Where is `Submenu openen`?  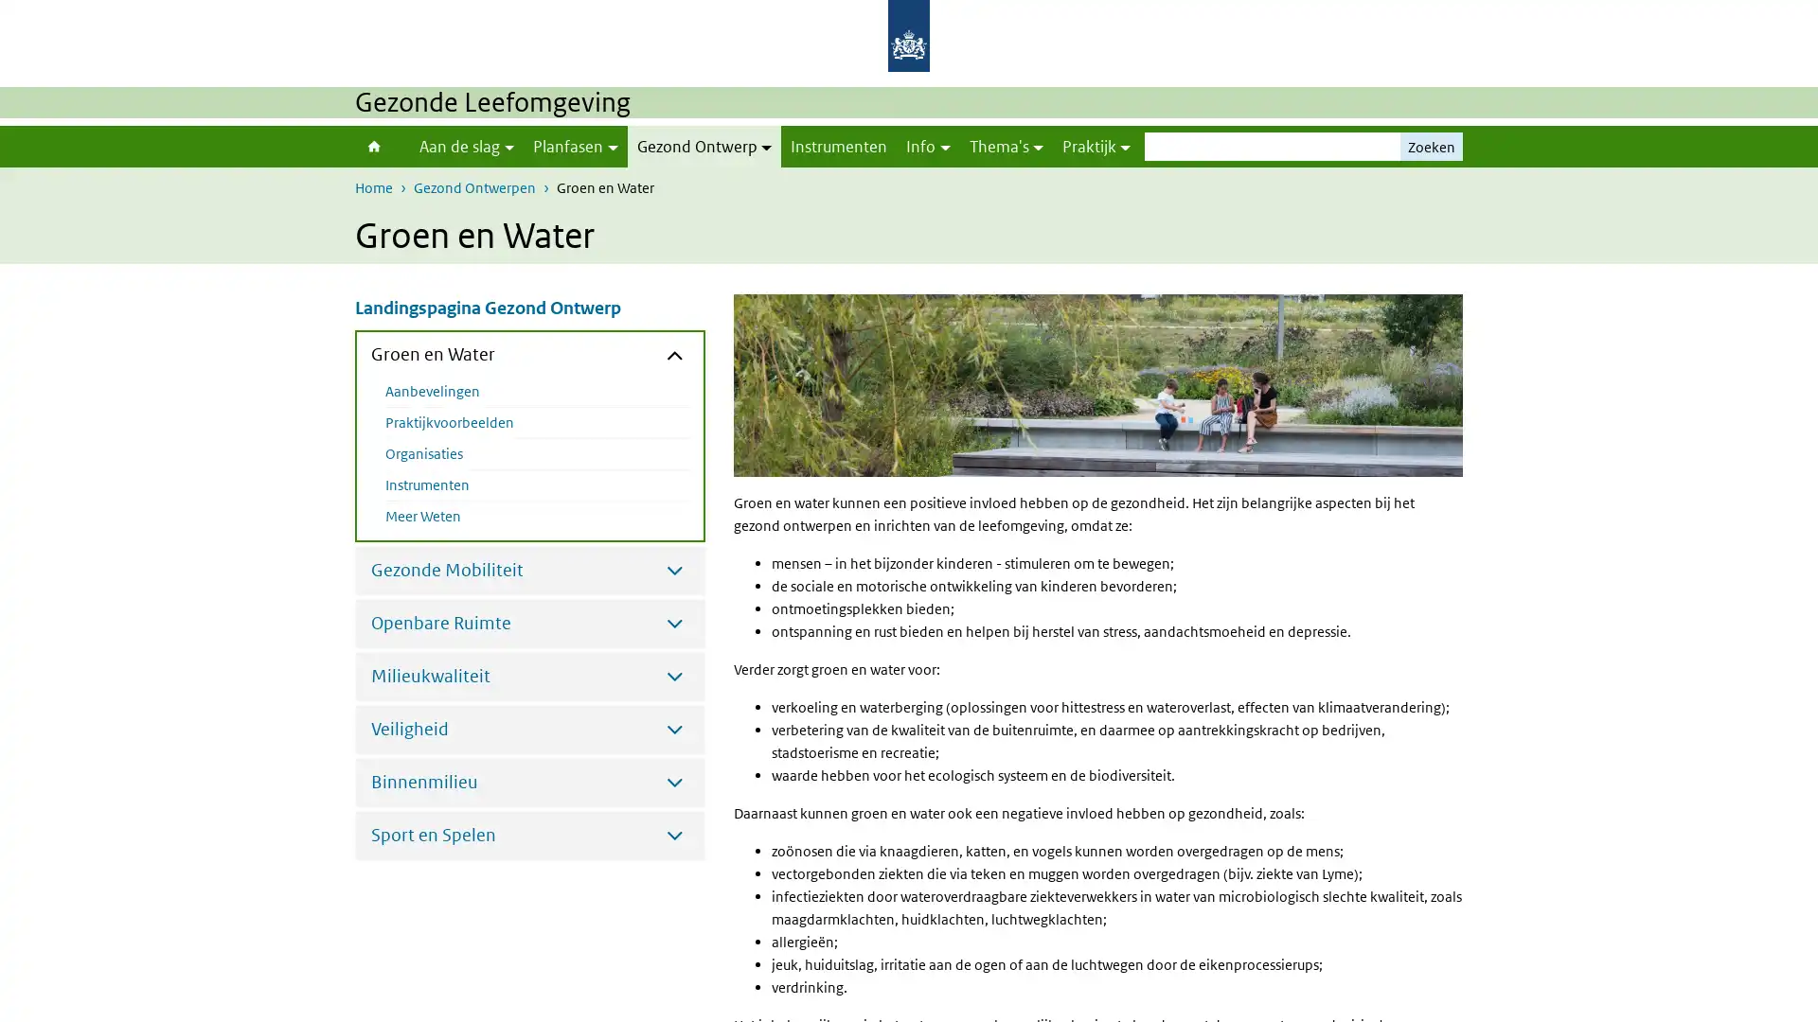
Submenu openen is located at coordinates (675, 834).